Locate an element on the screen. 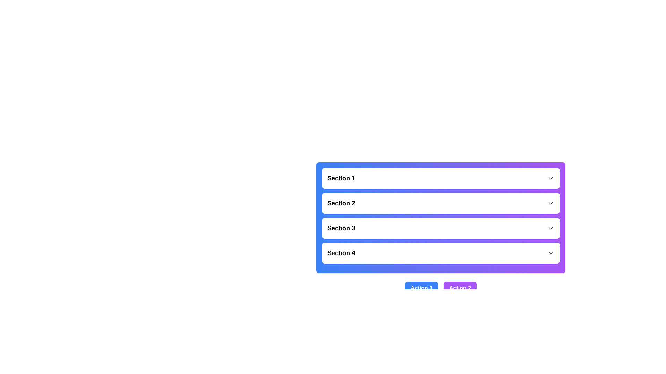 This screenshot has height=374, width=666. the bold, black text label reading 'Section 4' which is part of a dropdown menu interface, located near the bottom of the interface is located at coordinates (341, 253).